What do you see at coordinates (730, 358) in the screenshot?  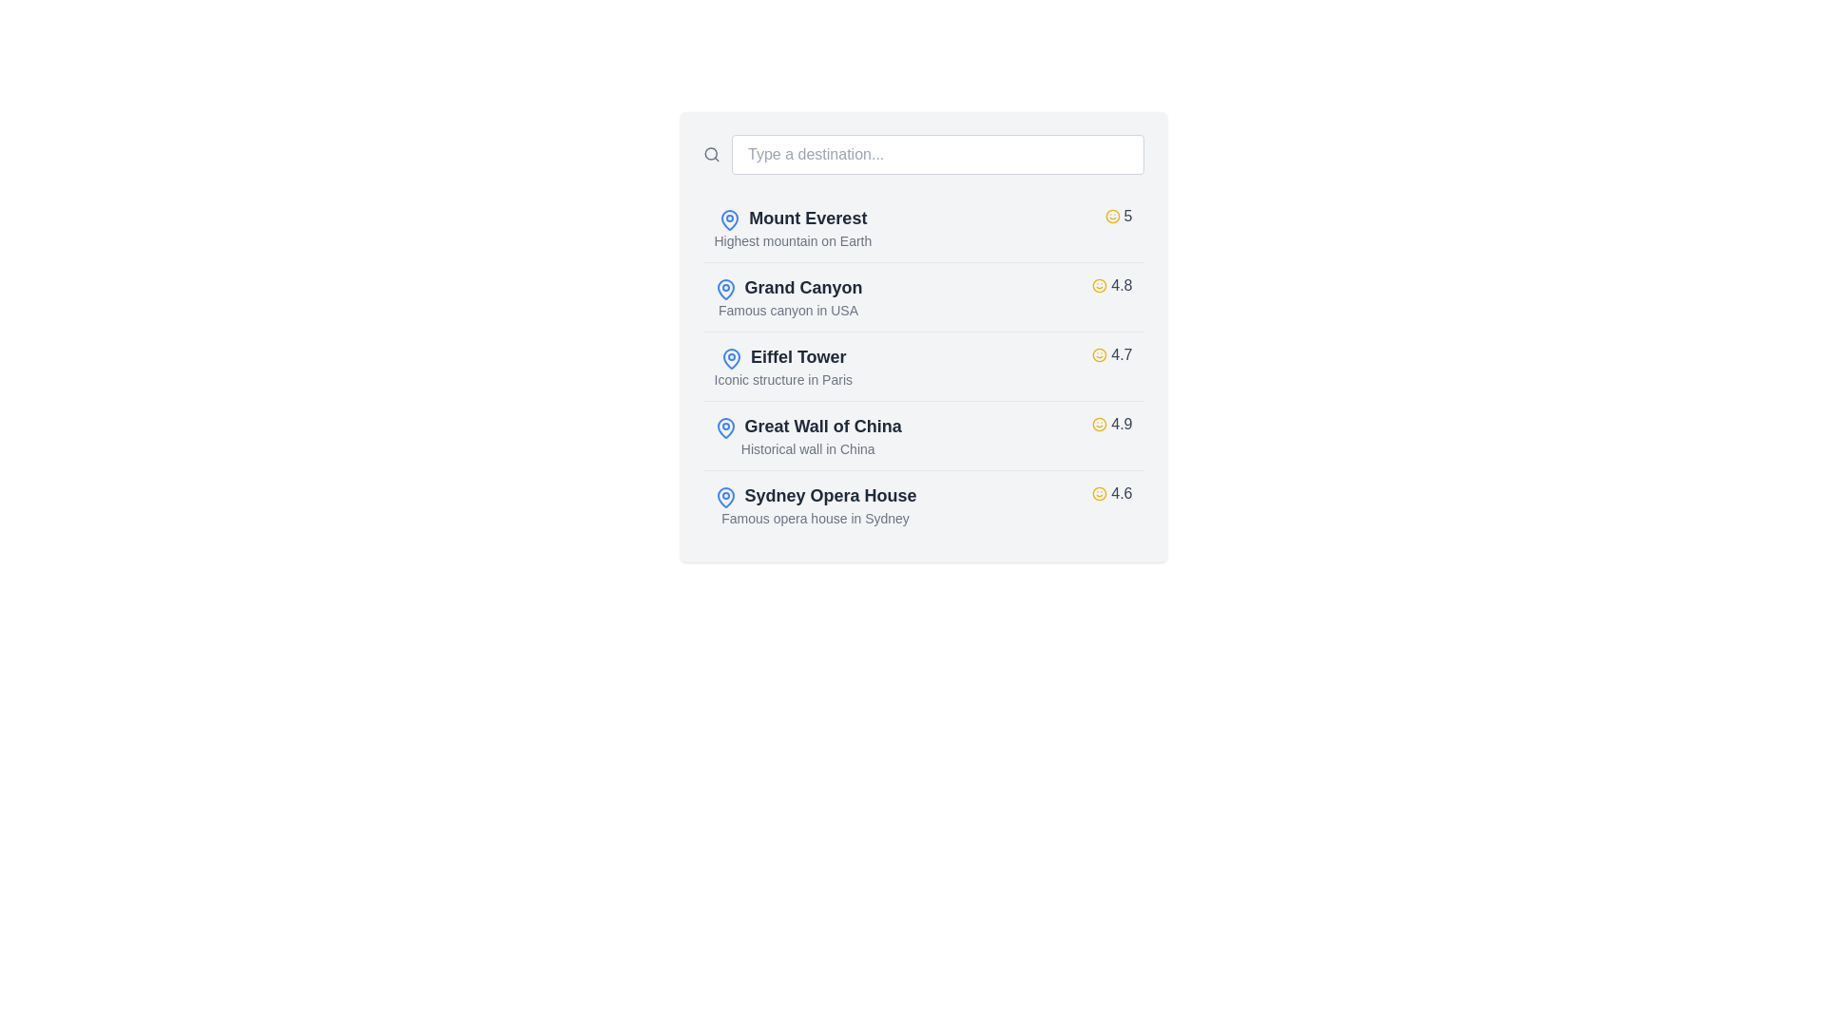 I see `the map marker icon located to the left of the text 'Eiffel Tower', which visually represents the location associated with this list item` at bounding box center [730, 358].